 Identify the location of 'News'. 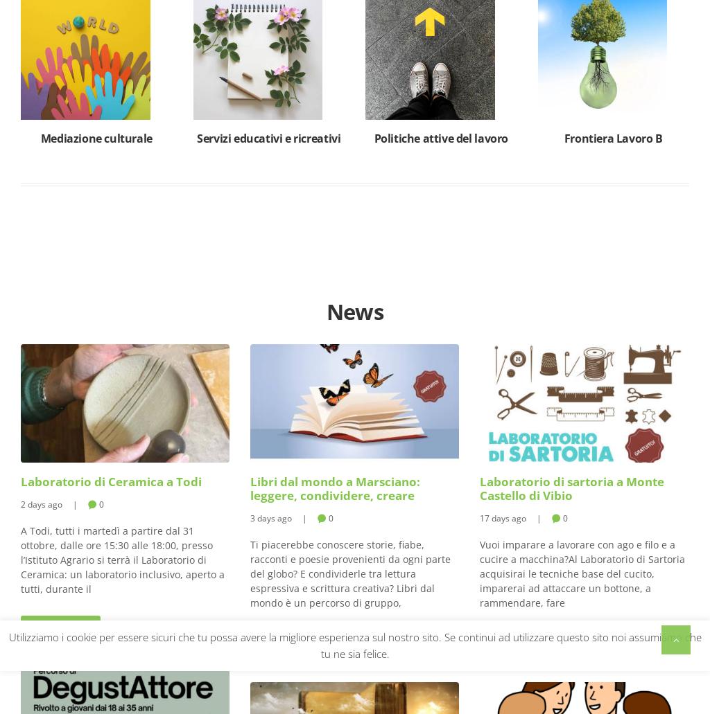
(354, 312).